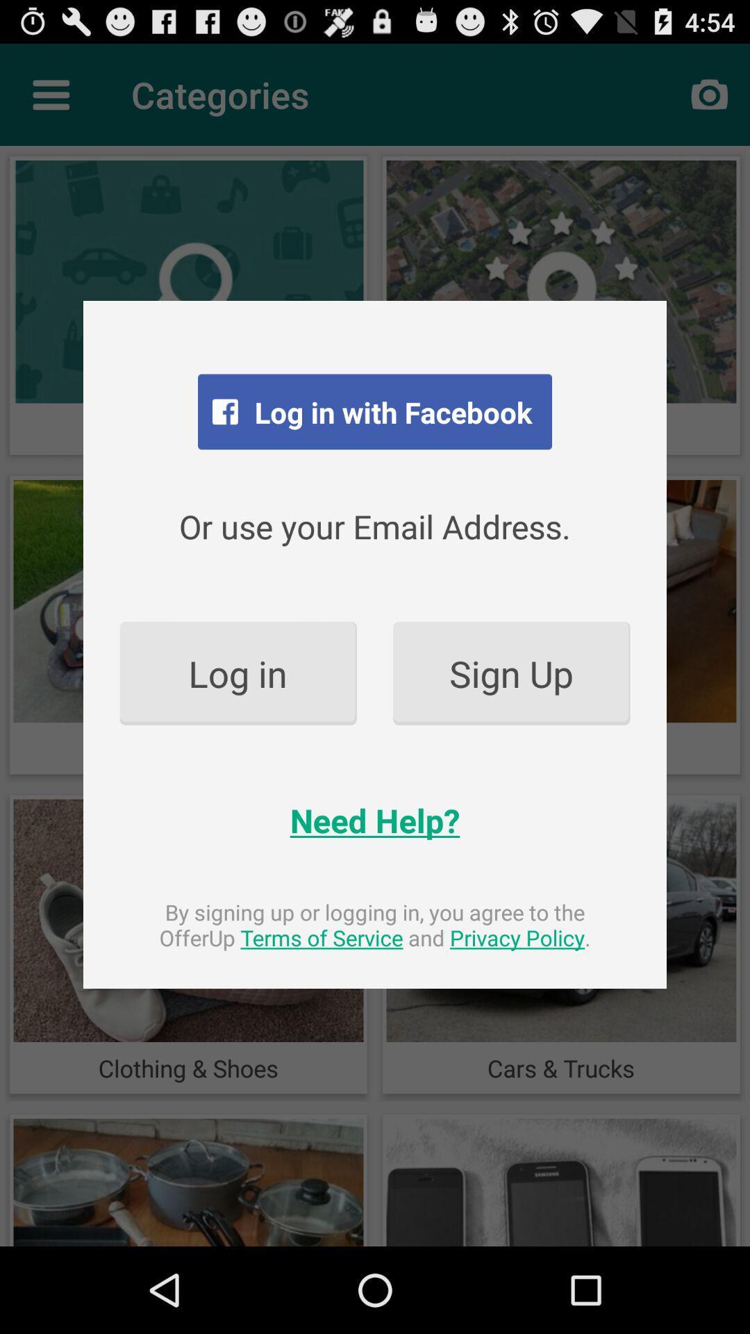 Image resolution: width=750 pixels, height=1334 pixels. I want to click on need help? item, so click(375, 820).